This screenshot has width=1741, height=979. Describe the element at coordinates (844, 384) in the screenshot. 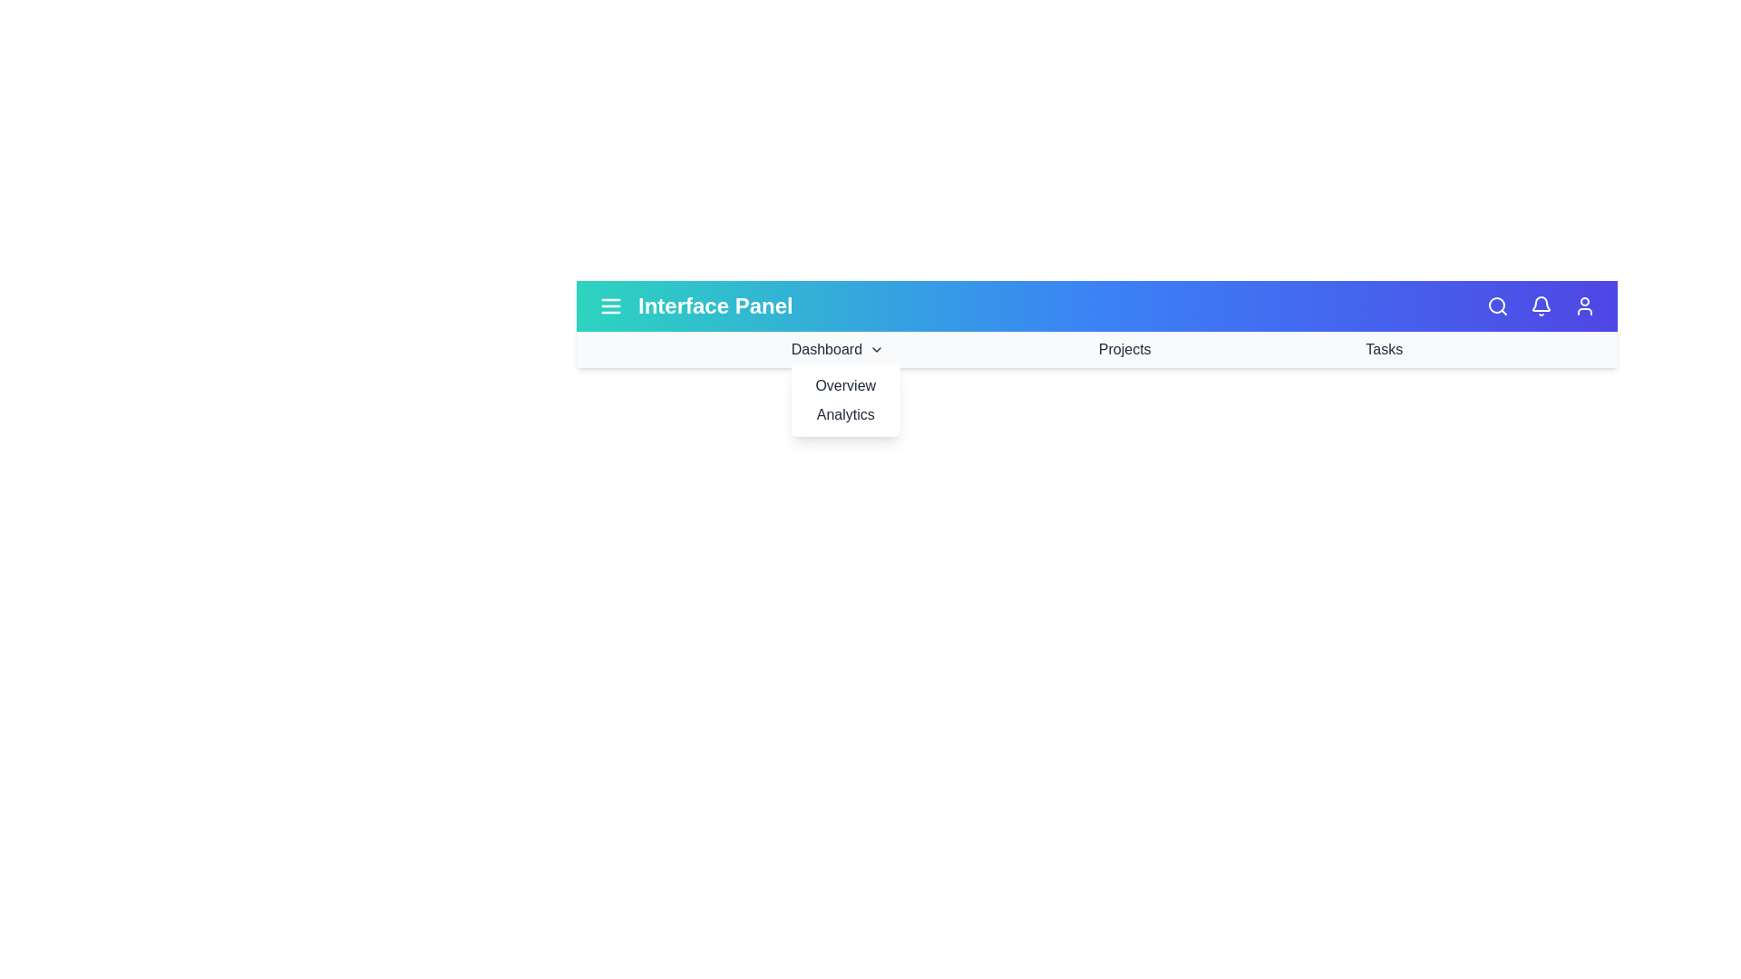

I see `the Overview from the 'Dashboard' submenu` at that location.